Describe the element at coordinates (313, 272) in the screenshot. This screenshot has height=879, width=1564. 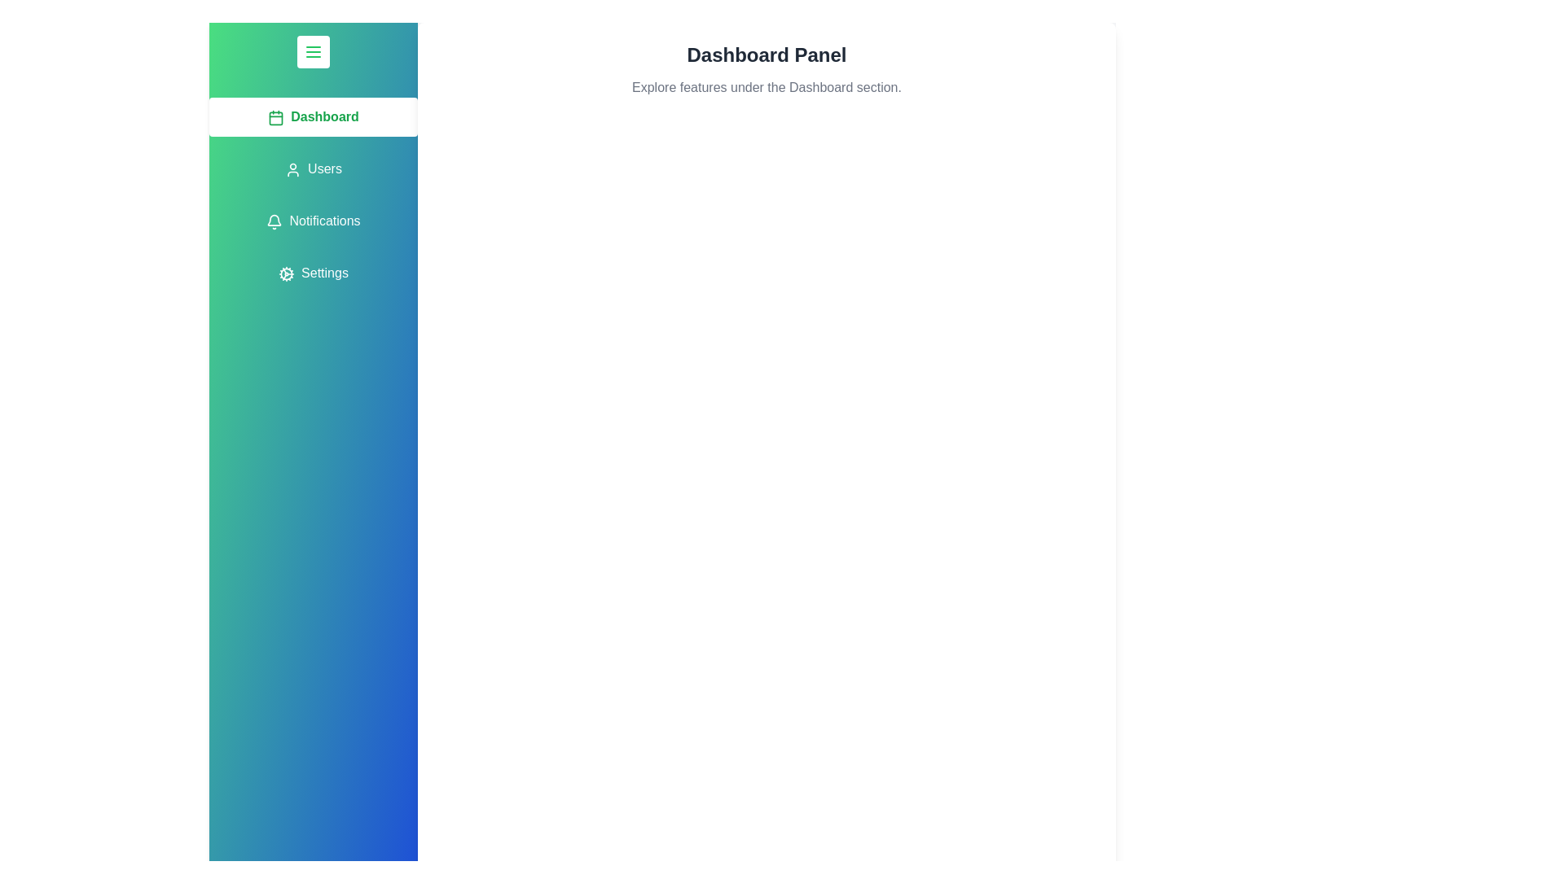
I see `the tab labeled Settings to observe its hover effect` at that location.